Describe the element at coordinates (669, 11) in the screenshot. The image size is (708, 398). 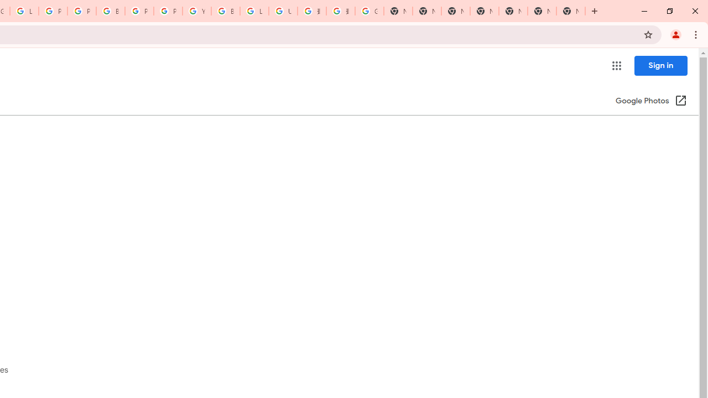
I see `'Restore'` at that location.